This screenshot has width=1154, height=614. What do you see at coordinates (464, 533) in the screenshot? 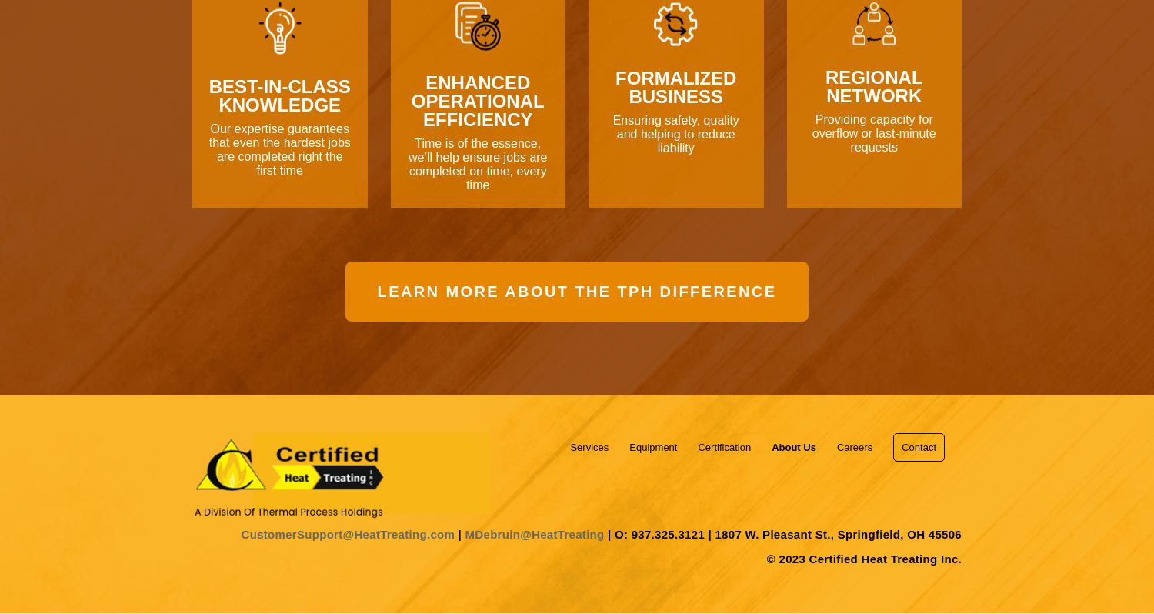
I see `'MDebruin@HeatTreating'` at bounding box center [464, 533].